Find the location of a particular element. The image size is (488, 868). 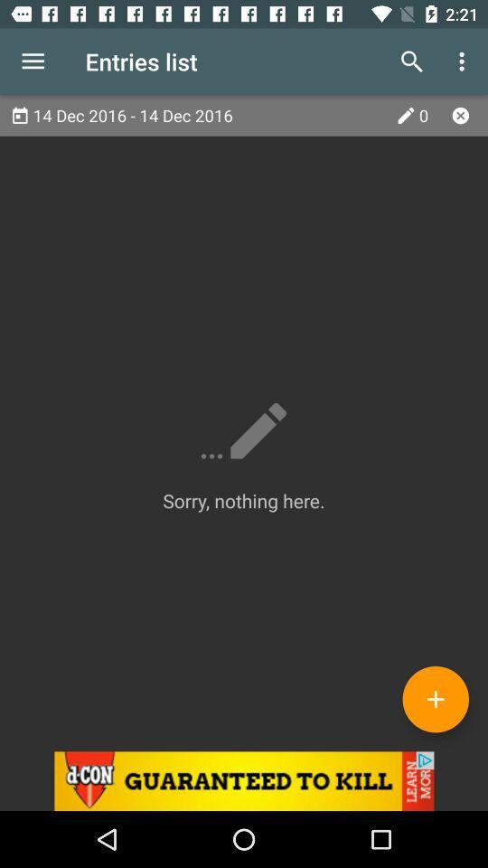

option is located at coordinates (460, 114).